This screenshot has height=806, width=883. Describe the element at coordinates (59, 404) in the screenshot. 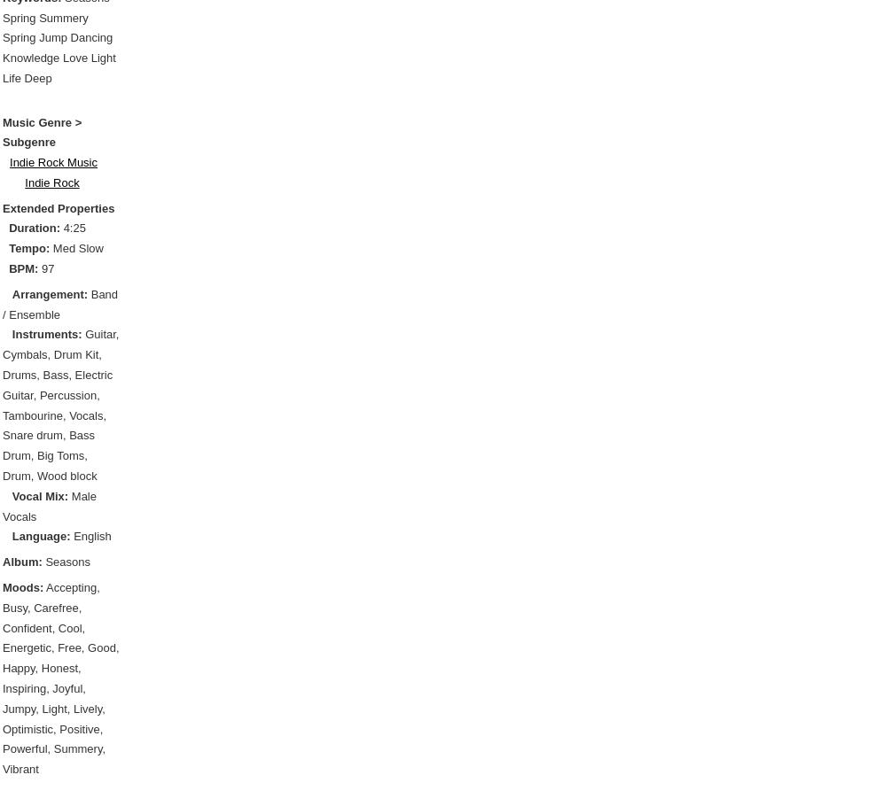

I see `'Guitar, Cymbals, Drum Kit, Drums, Bass, Electric Guitar, Percussion, Tambourine, Vocals, Snare drum, Bass Drum, Big Toms, Drum, Wood block'` at that location.